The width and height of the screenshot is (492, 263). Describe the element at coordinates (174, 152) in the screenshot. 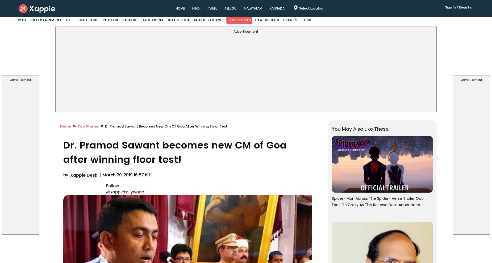

I see `'Dr. Pramod Sawant becomes new CM of Goa after winning floor test!'` at that location.